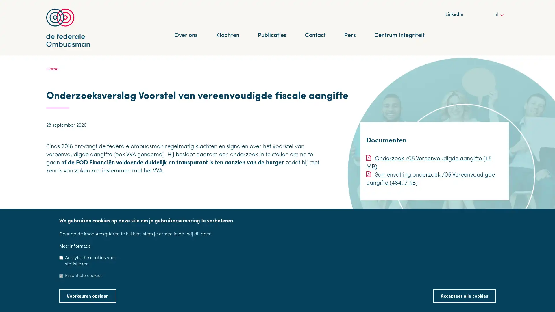 This screenshot has width=555, height=312. I want to click on Accepteer alle cookies, so click(465, 296).